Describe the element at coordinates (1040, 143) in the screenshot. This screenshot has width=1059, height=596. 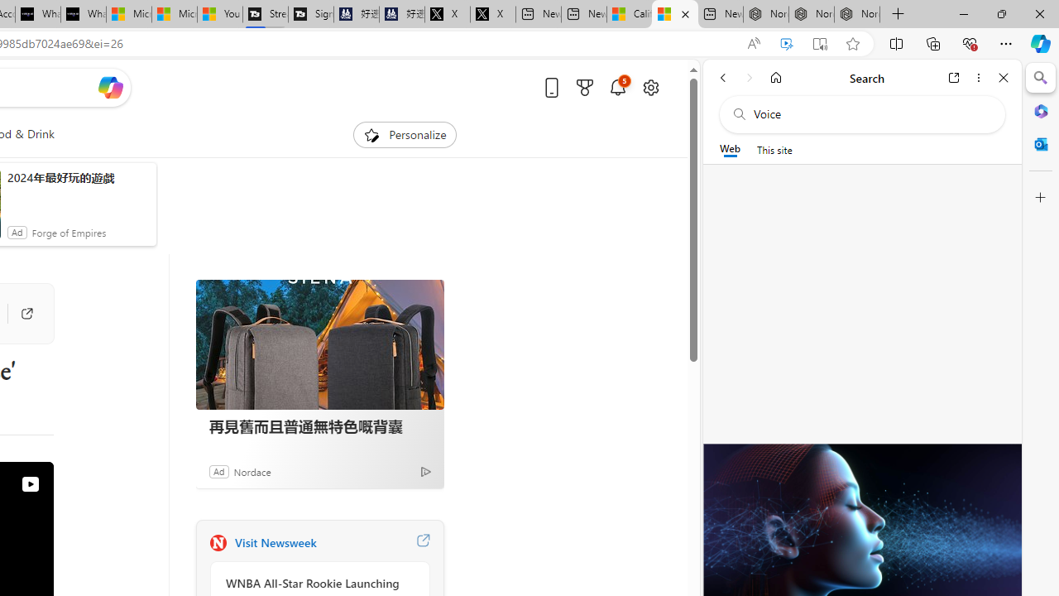
I see `'Outlook'` at that location.